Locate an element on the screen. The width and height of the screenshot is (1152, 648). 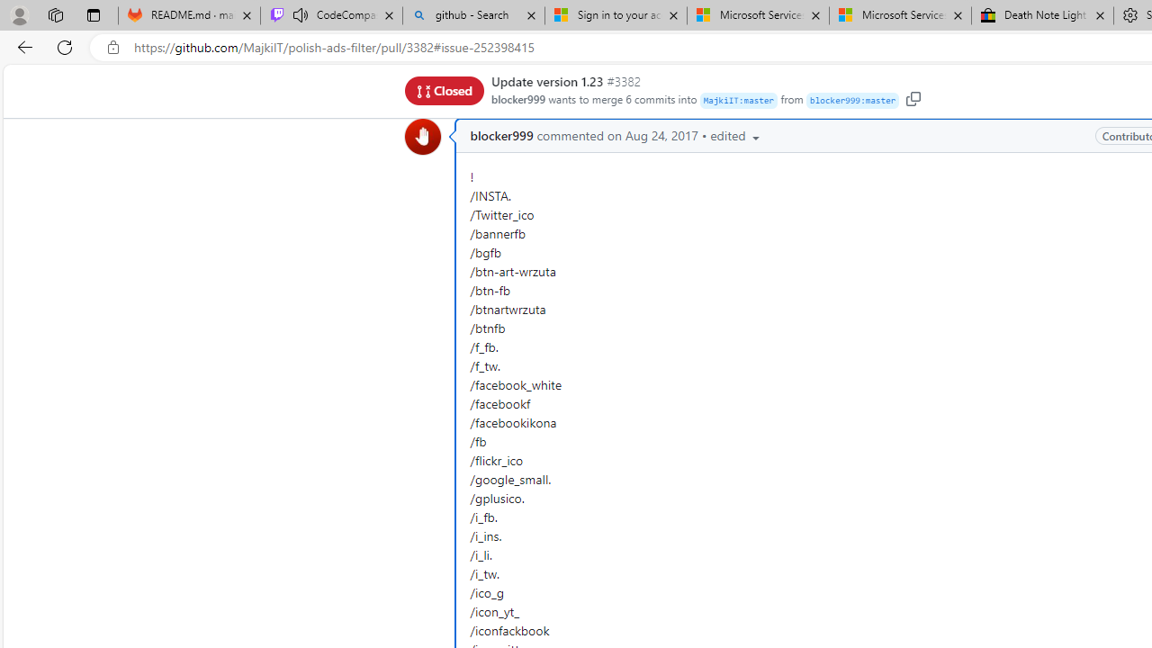
'Mute tab' is located at coordinates (301, 14).